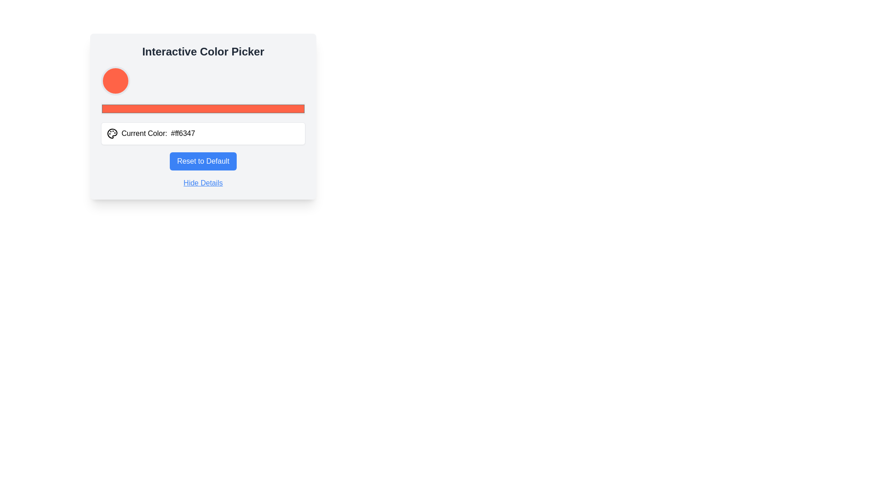 Image resolution: width=874 pixels, height=491 pixels. I want to click on the slider value, so click(173, 108).